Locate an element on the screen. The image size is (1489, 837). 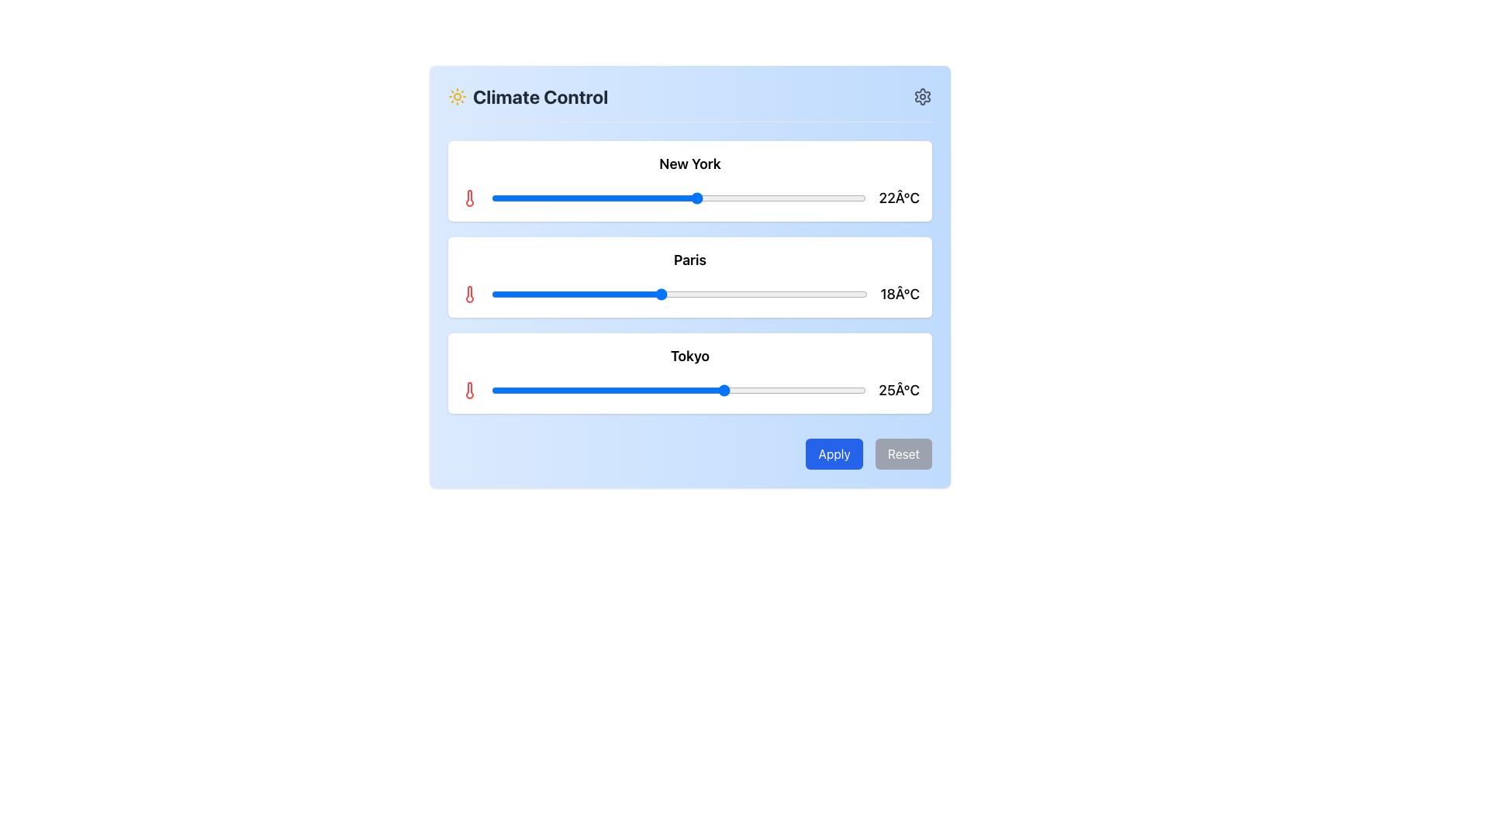
the Paris temperature slider is located at coordinates (829, 294).